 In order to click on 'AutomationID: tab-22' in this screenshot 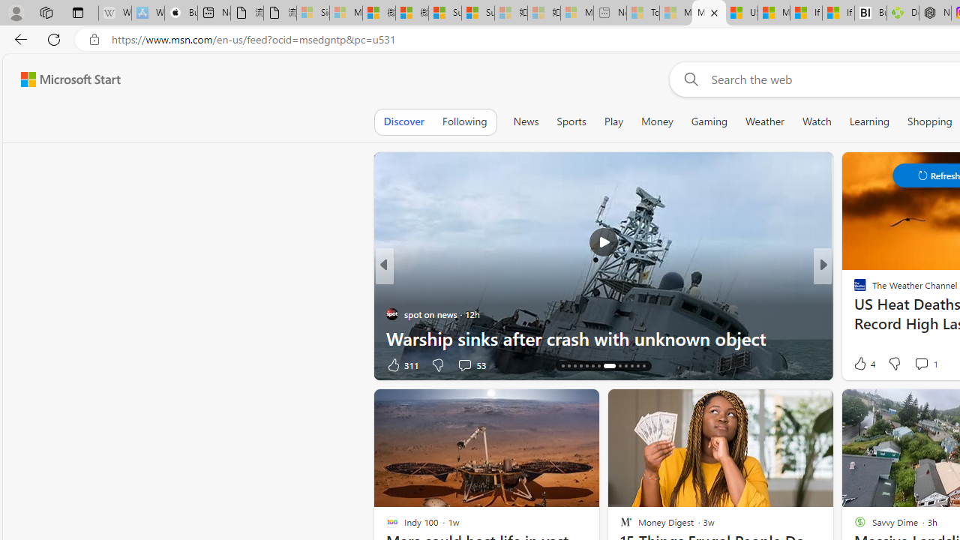, I will do `click(619, 366)`.